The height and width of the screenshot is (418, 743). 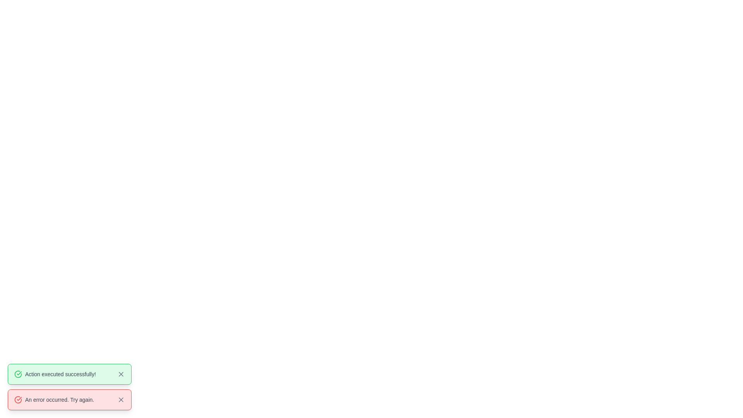 I want to click on the 'X' button on the right side of the green notification box that says 'Action executed successfully!', so click(x=120, y=374).